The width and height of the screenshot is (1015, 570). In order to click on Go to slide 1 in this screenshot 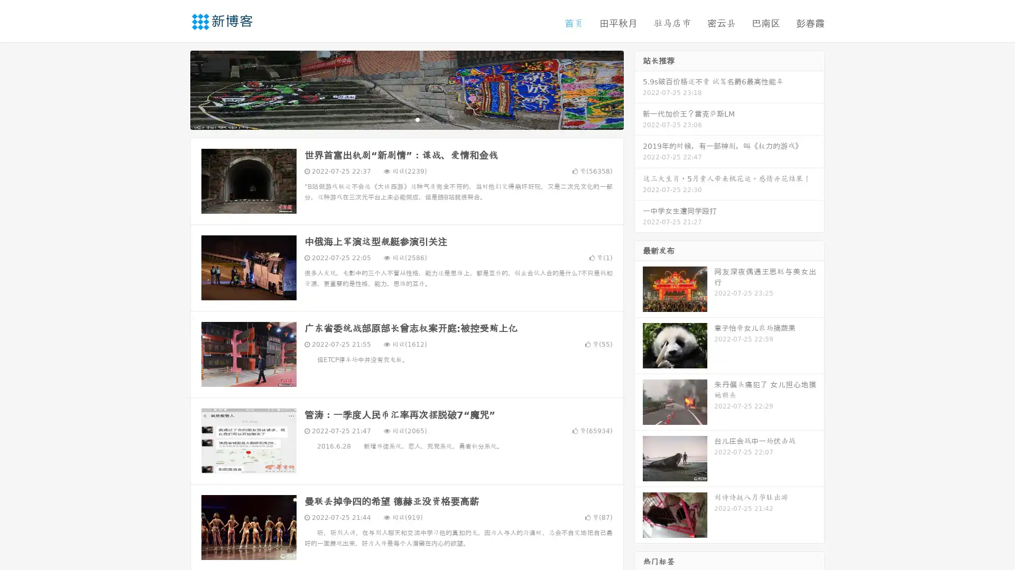, I will do `click(395, 119)`.